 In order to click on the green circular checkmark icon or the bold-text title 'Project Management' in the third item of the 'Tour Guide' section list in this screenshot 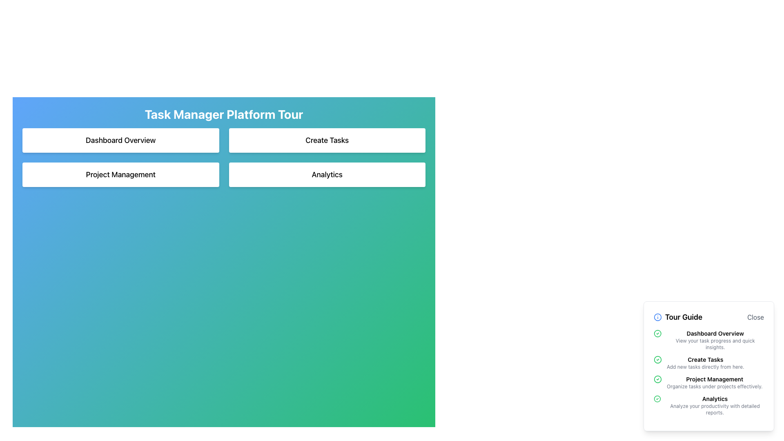, I will do `click(708, 383)`.